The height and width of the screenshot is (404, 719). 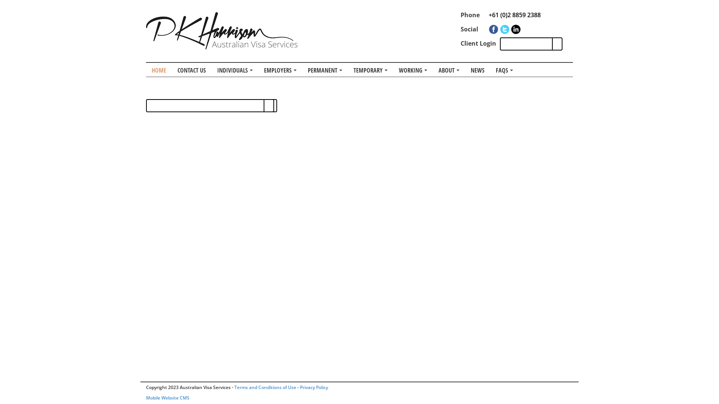 What do you see at coordinates (514, 15) in the screenshot?
I see `'+61 (0)2 8859 2388'` at bounding box center [514, 15].